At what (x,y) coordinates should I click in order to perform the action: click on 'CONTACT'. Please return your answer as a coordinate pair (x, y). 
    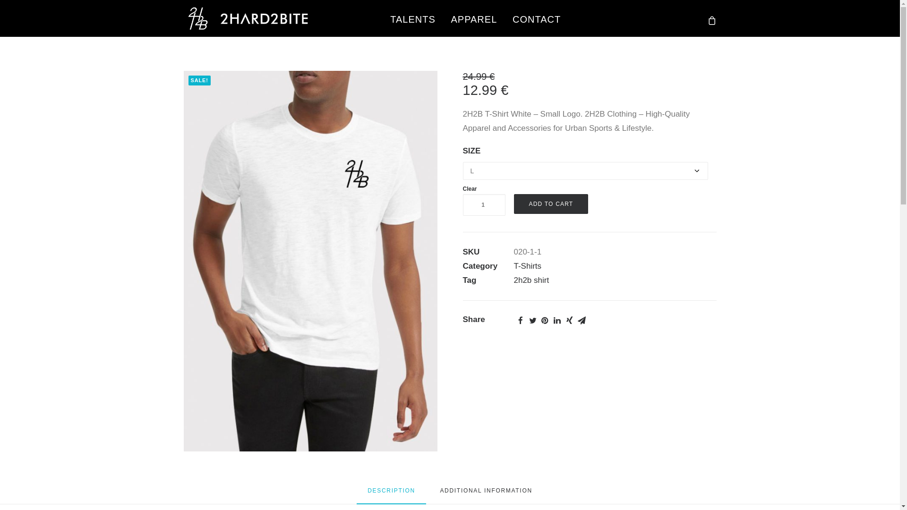
    Looking at the image, I should click on (537, 18).